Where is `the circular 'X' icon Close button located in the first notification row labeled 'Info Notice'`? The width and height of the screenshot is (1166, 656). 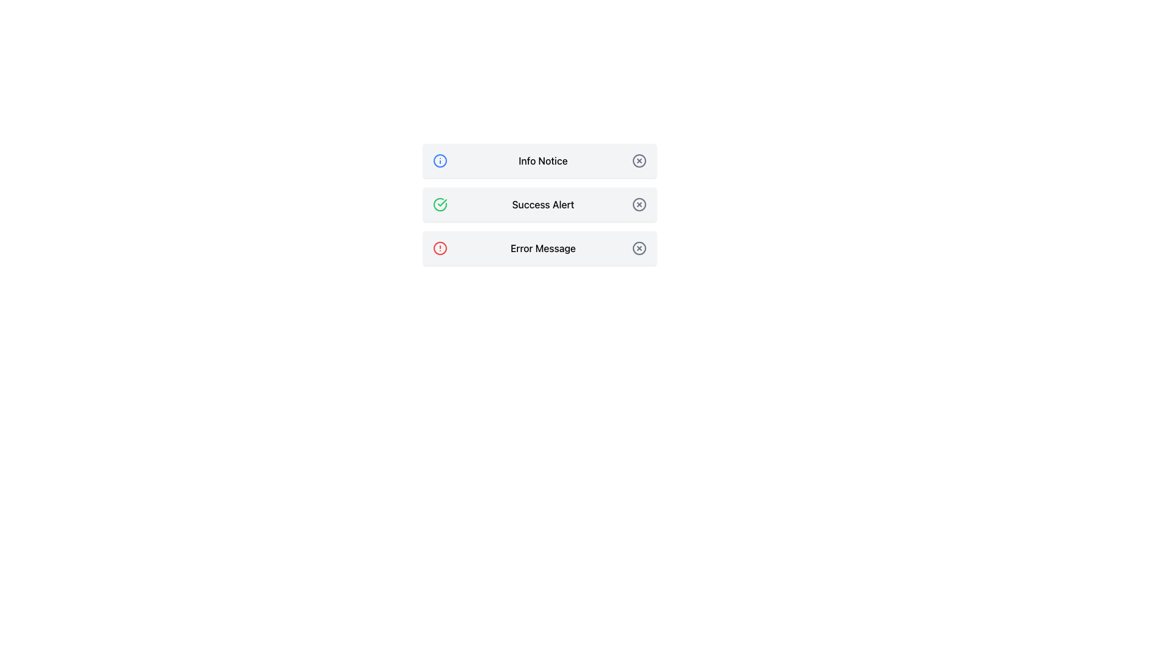 the circular 'X' icon Close button located in the first notification row labeled 'Info Notice' is located at coordinates (638, 160).